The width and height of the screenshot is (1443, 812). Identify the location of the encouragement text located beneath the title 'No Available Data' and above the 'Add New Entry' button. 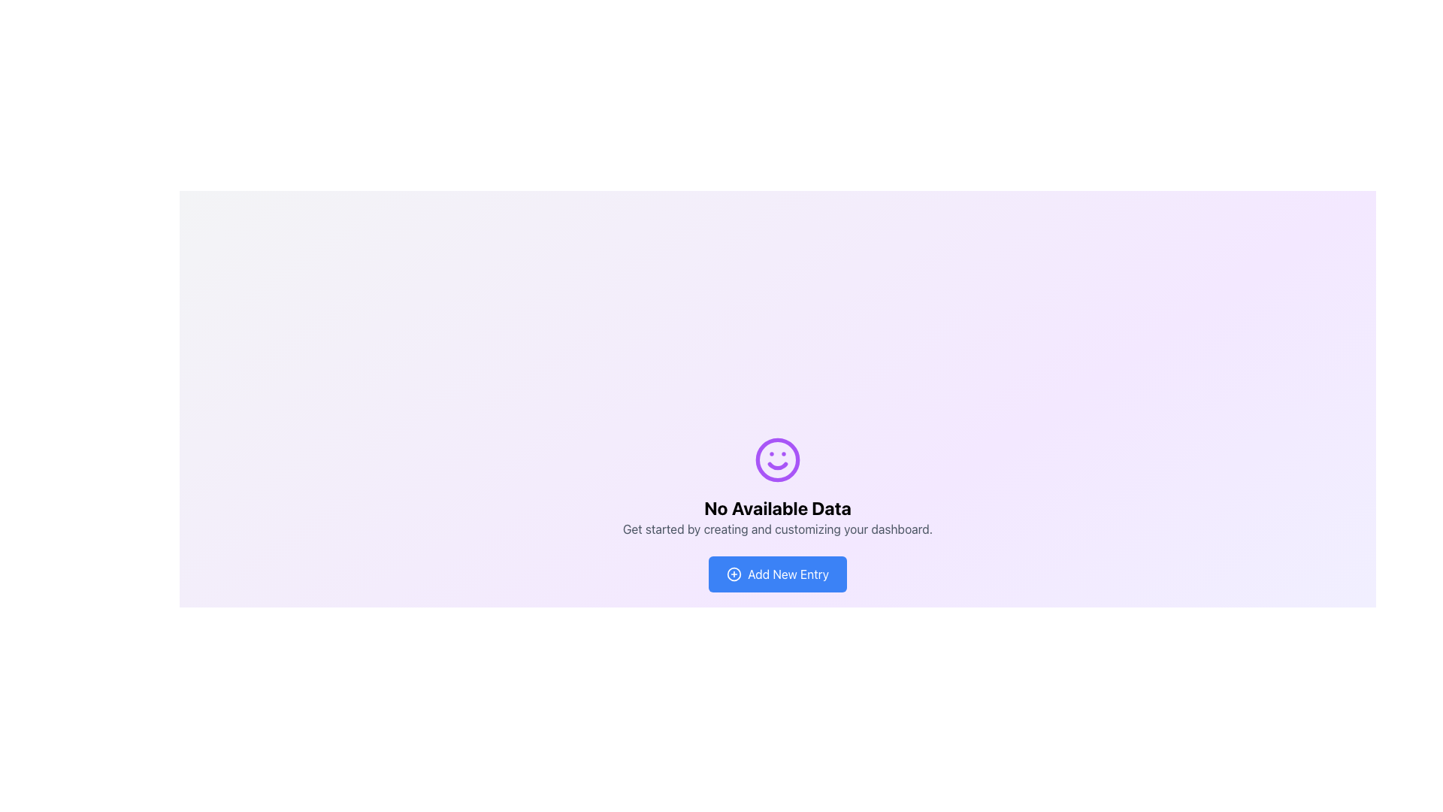
(778, 529).